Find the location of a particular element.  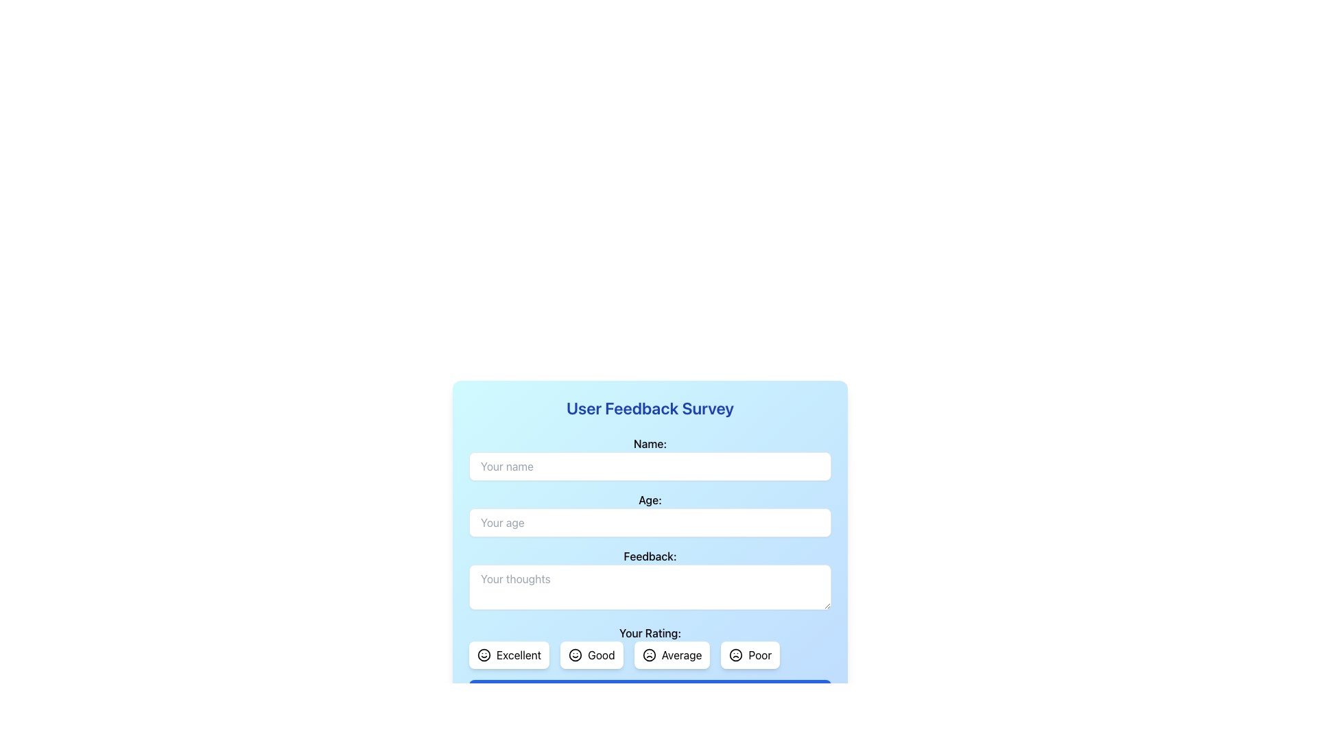

the circular frowning face icon which is the leftmost graphical part of the 'Average' button in the rating group at the bottom of the survey form is located at coordinates (648, 655).